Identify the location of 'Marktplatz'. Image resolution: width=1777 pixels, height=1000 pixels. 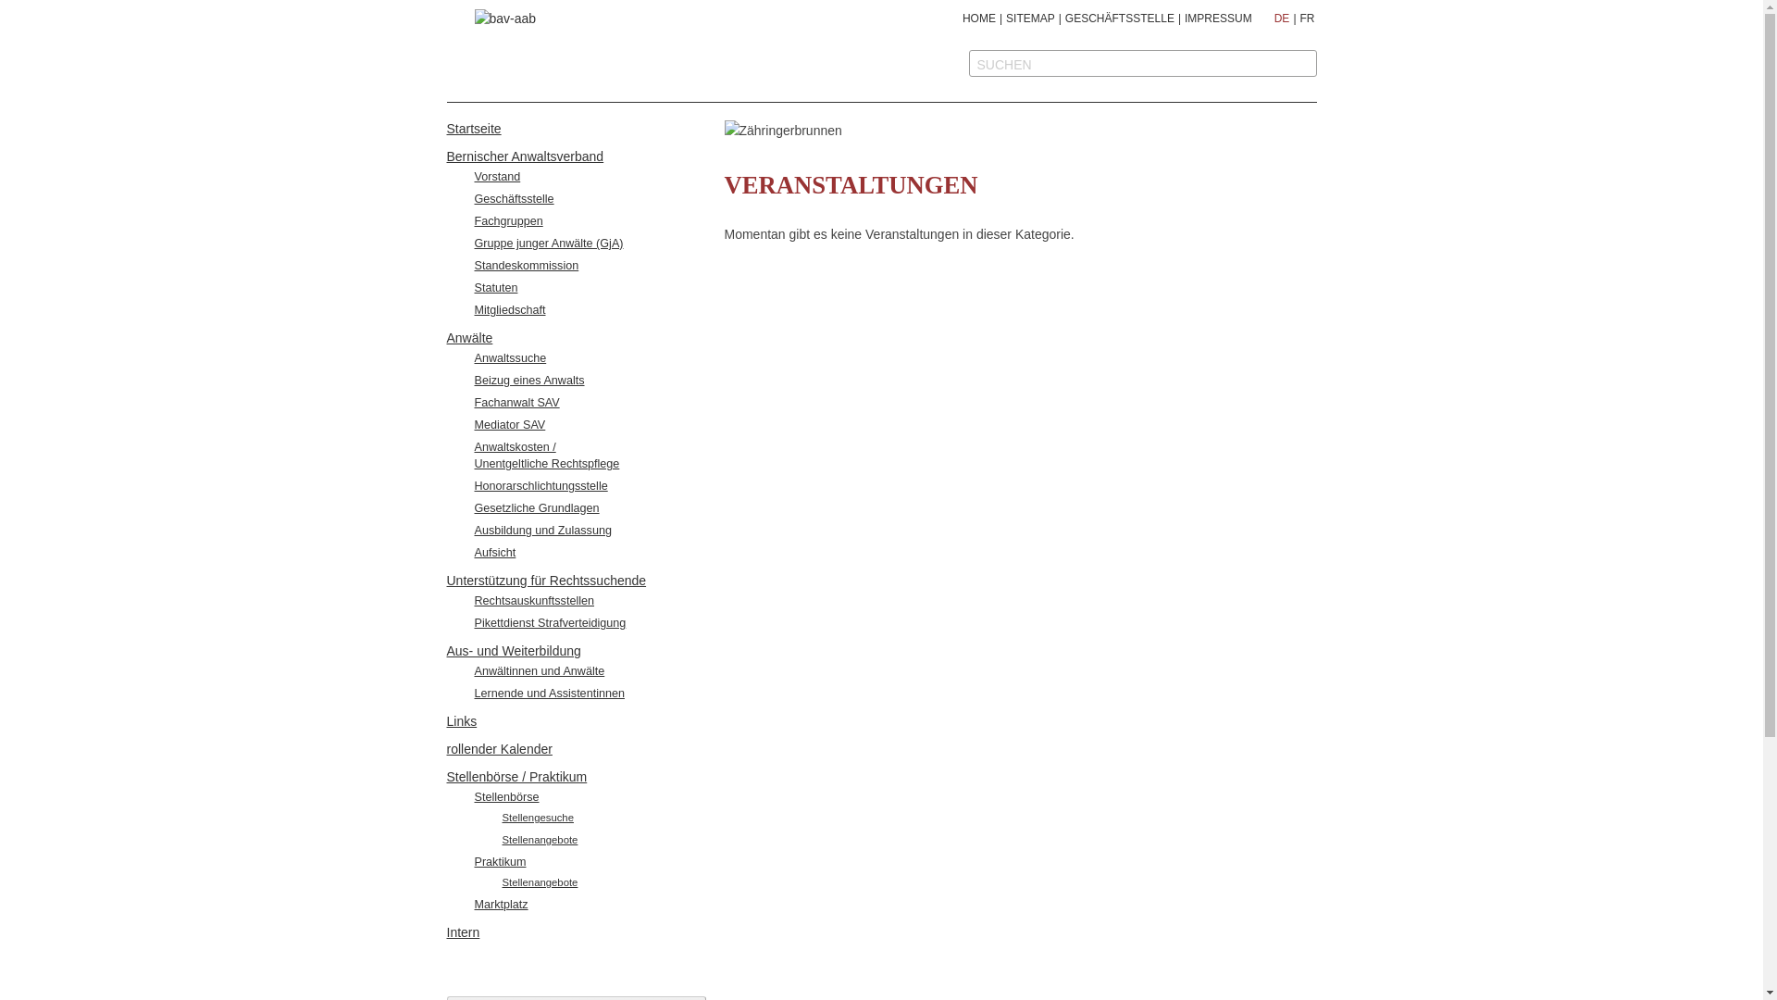
(474, 903).